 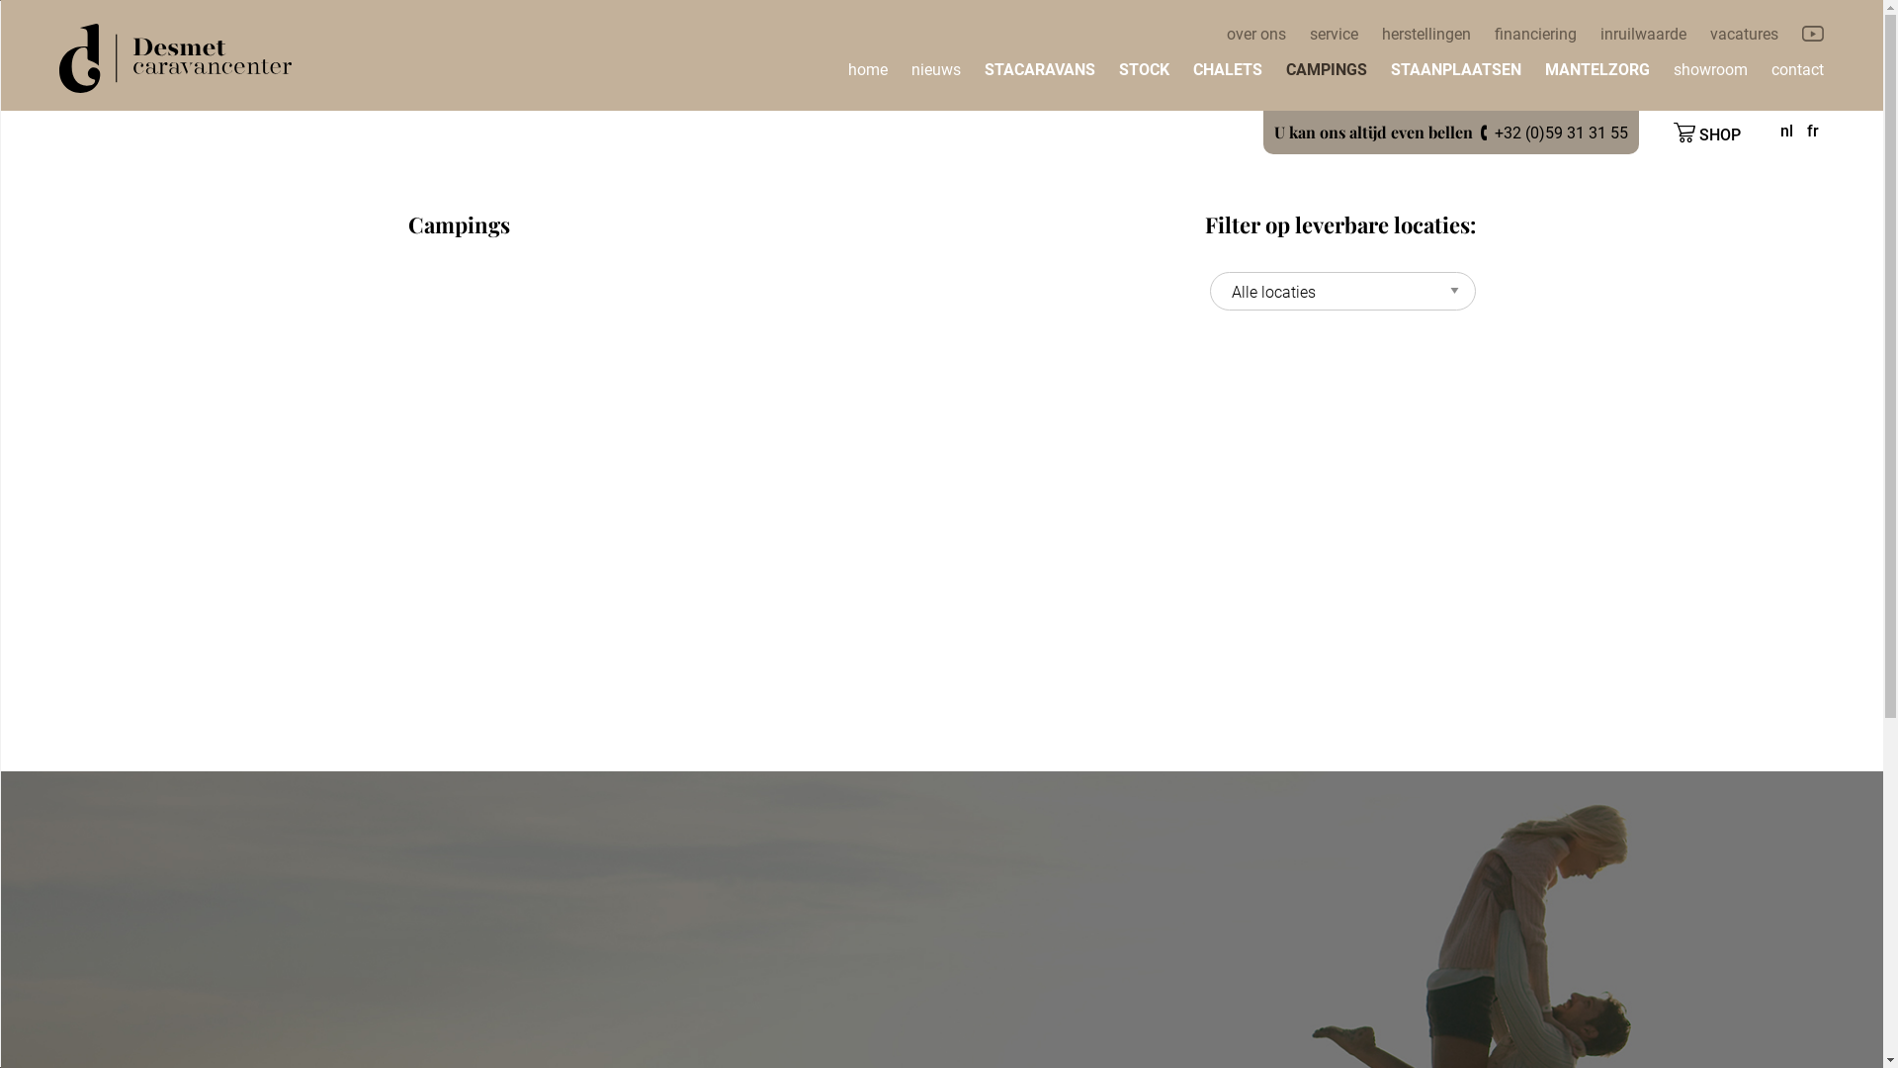 What do you see at coordinates (1227, 68) in the screenshot?
I see `'CHALETS'` at bounding box center [1227, 68].